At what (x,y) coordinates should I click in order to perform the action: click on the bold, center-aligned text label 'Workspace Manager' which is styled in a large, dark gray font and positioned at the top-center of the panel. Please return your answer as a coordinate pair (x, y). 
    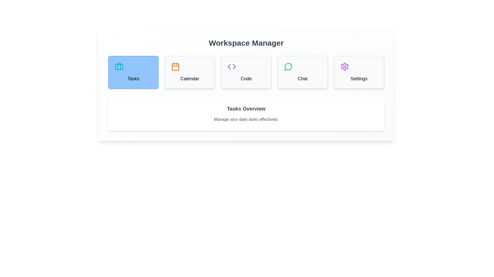
    Looking at the image, I should click on (246, 43).